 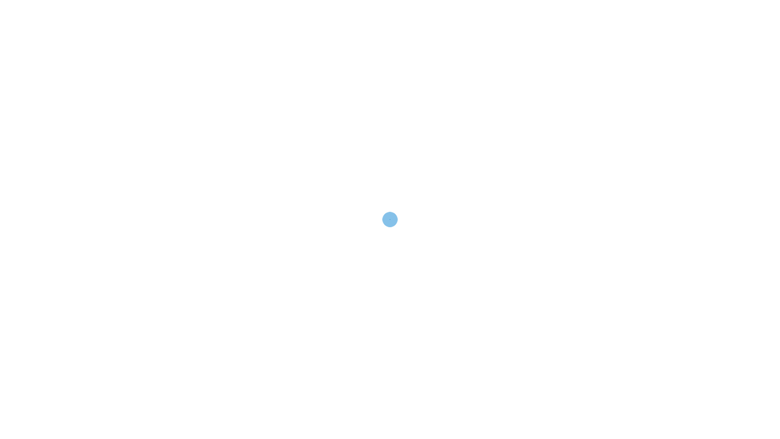 I want to click on 'SERVICES', so click(x=284, y=53).